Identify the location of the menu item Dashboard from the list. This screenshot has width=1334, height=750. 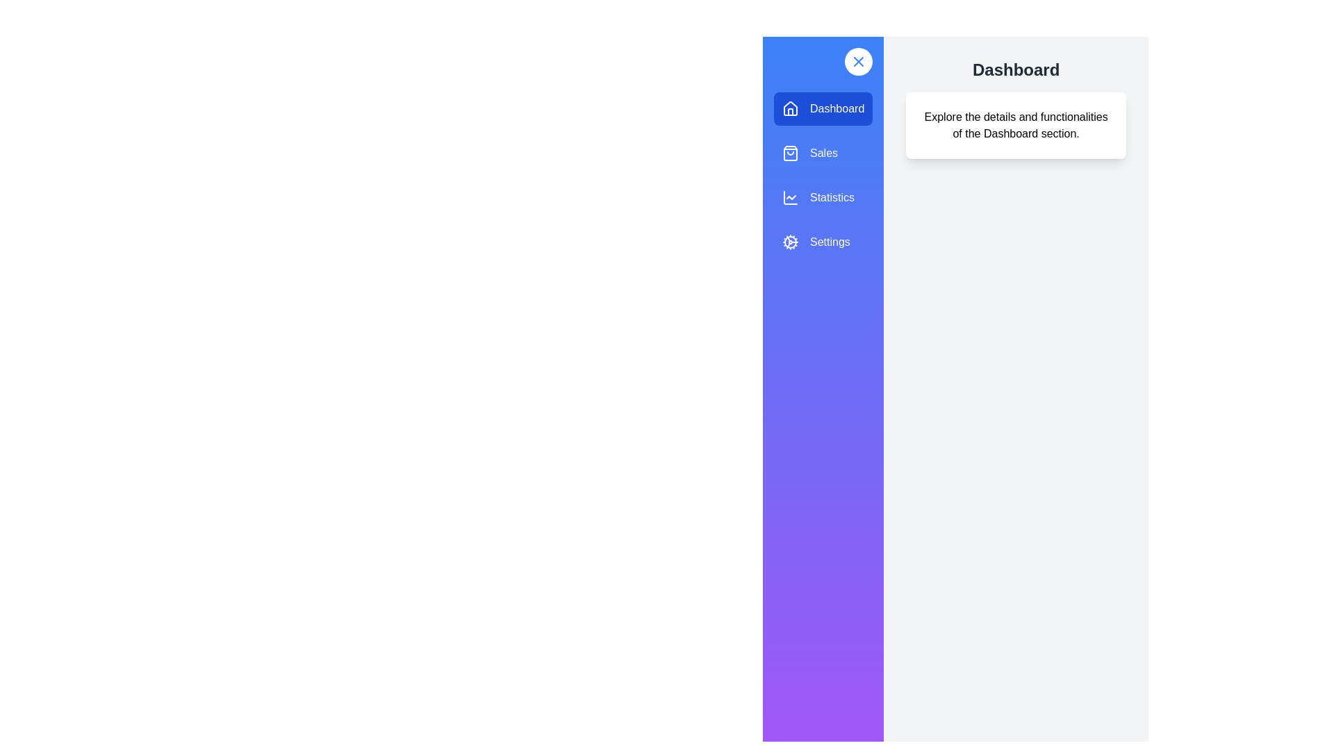
(823, 108).